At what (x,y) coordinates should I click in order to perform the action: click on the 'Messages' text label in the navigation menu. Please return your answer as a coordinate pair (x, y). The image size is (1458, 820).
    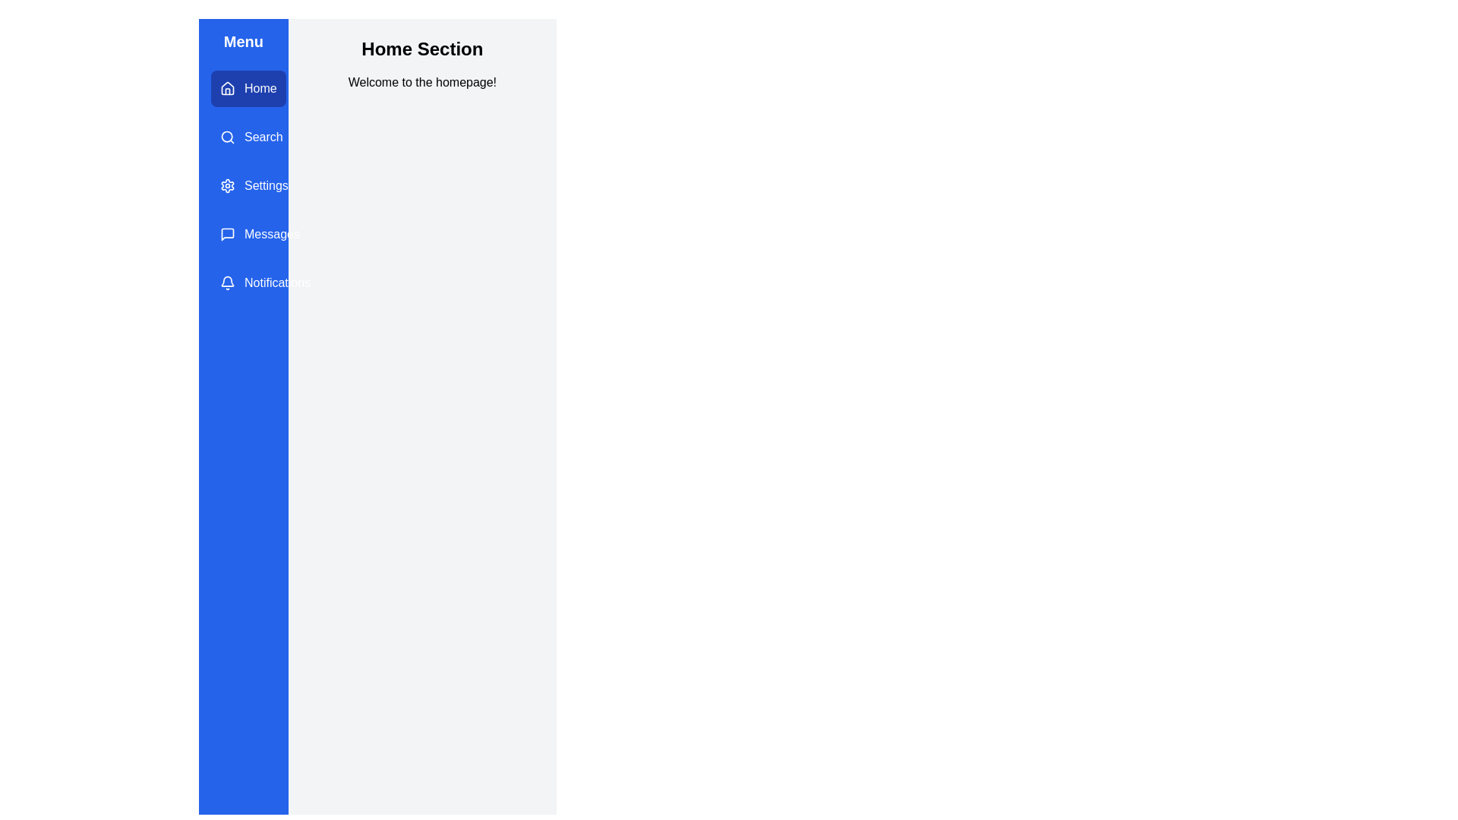
    Looking at the image, I should click on (272, 234).